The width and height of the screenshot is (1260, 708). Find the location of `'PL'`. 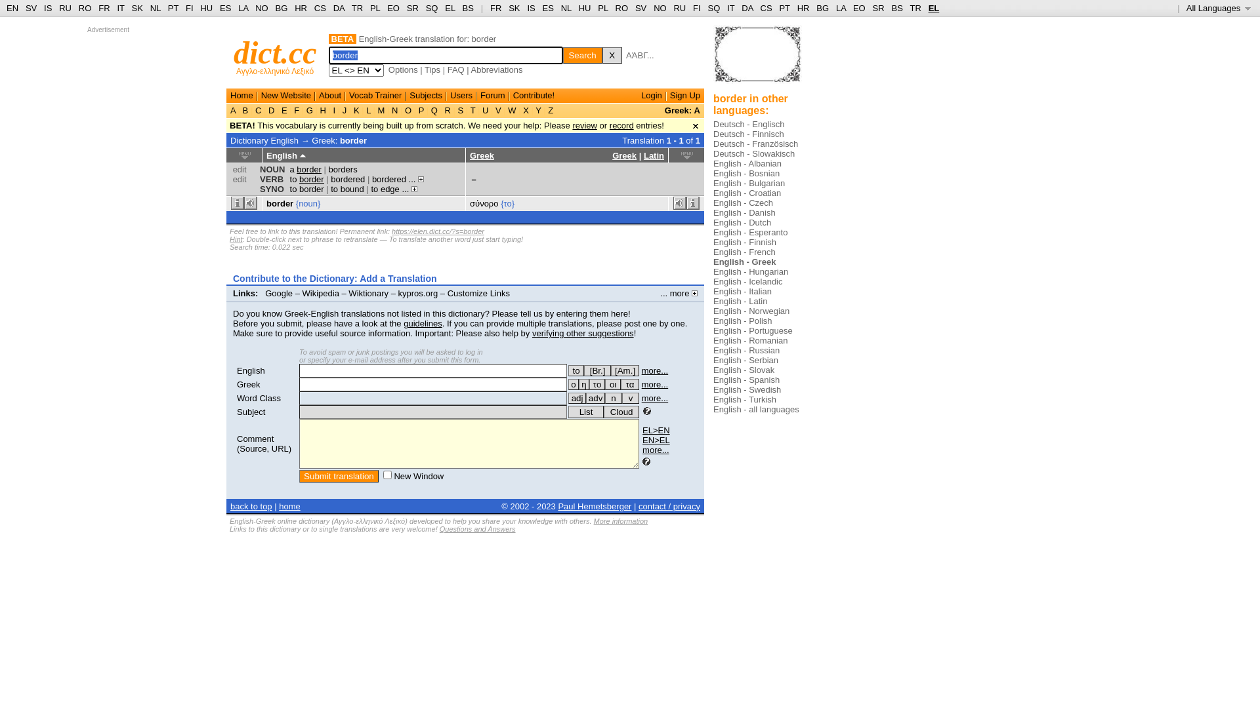

'PL' is located at coordinates (374, 8).